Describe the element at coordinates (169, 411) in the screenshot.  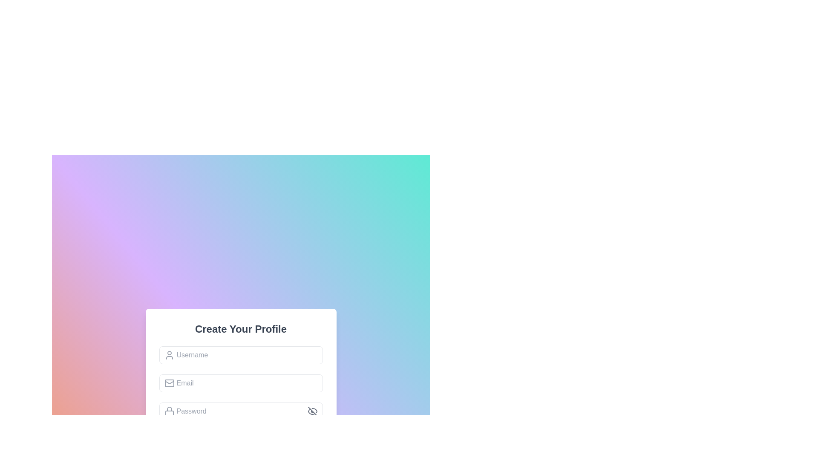
I see `the lock icon located to the left of the password input field, which features a rounded rectangle body and a curved line shackle` at that location.